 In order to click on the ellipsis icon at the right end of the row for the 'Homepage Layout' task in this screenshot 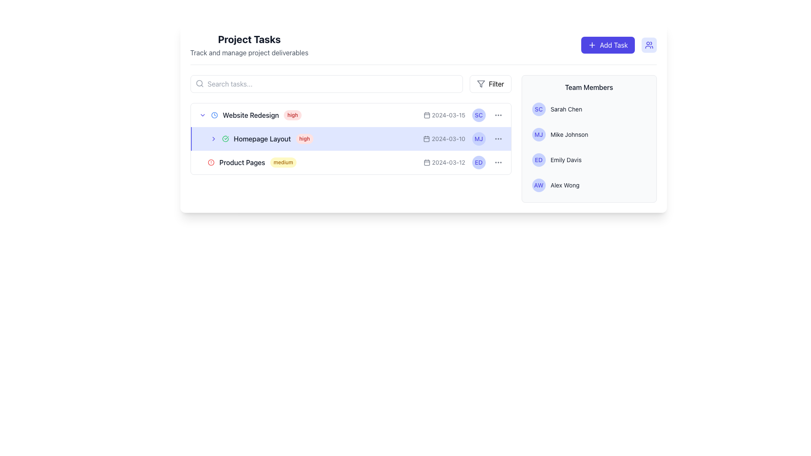, I will do `click(498, 138)`.